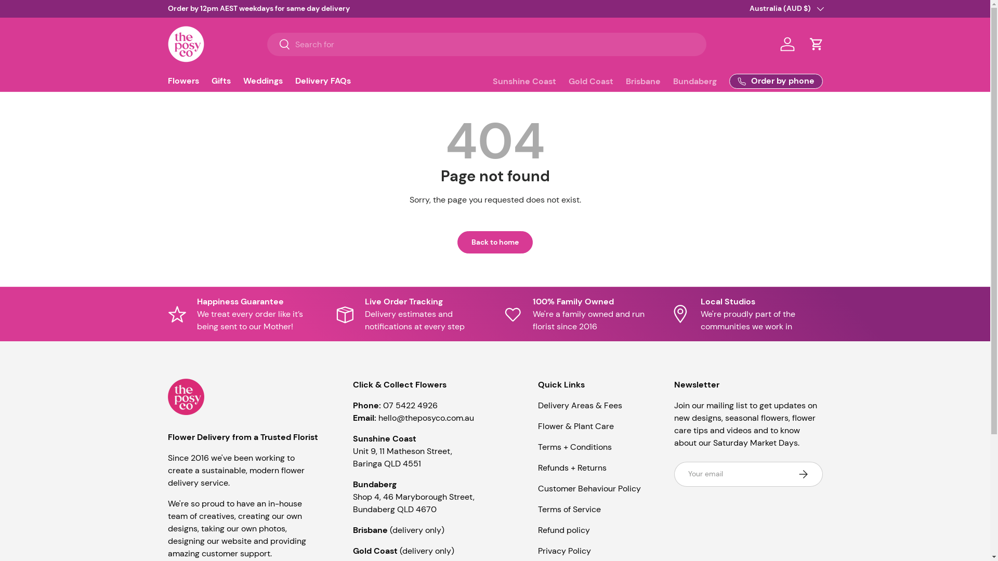  Describe the element at coordinates (575, 426) in the screenshot. I see `'Flower & Plant Care'` at that location.